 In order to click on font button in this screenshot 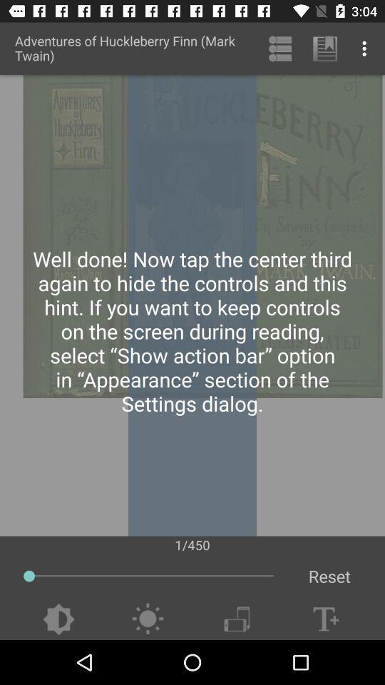, I will do `click(326, 619)`.